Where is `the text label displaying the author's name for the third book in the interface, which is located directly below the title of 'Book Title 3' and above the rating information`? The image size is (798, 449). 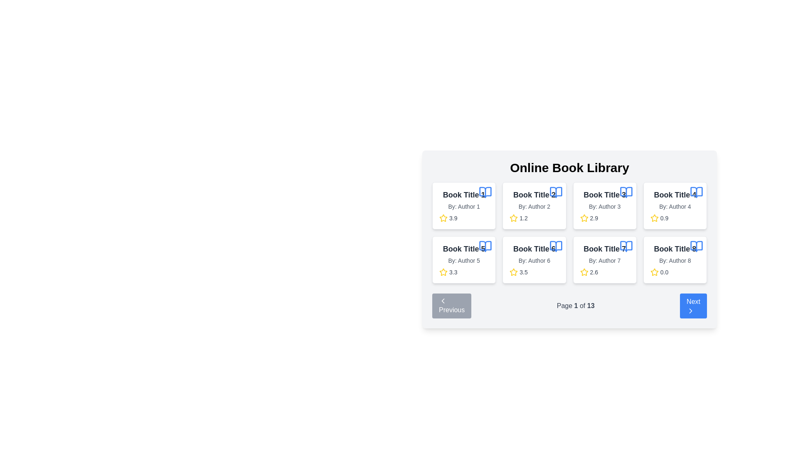 the text label displaying the author's name for the third book in the interface, which is located directly below the title of 'Book Title 3' and above the rating information is located at coordinates (605, 206).